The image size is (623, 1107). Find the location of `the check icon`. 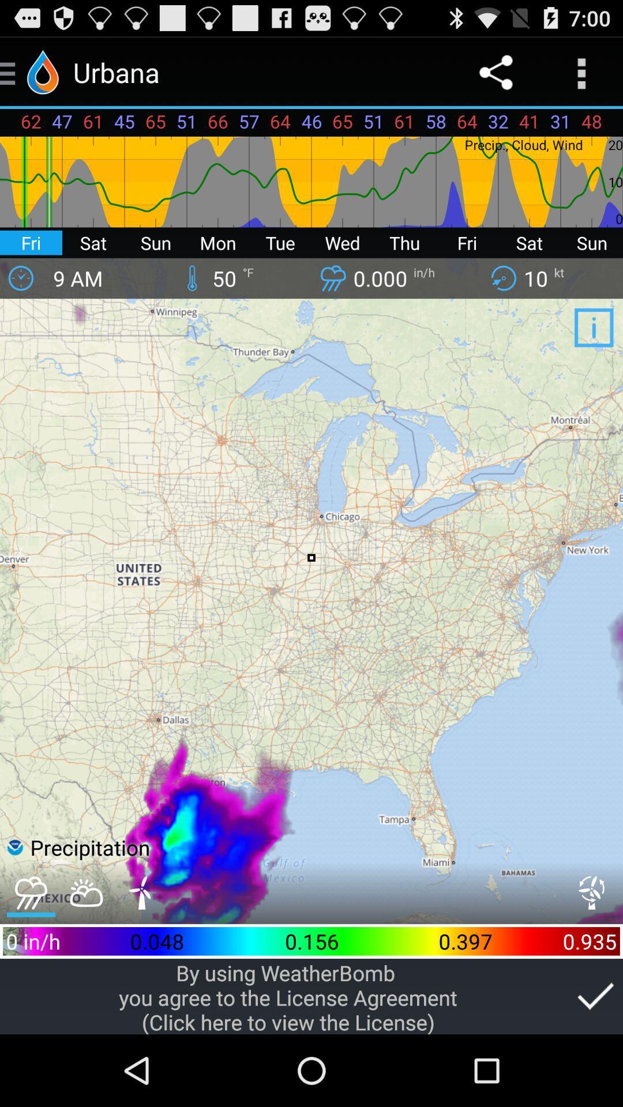

the check icon is located at coordinates (595, 1065).